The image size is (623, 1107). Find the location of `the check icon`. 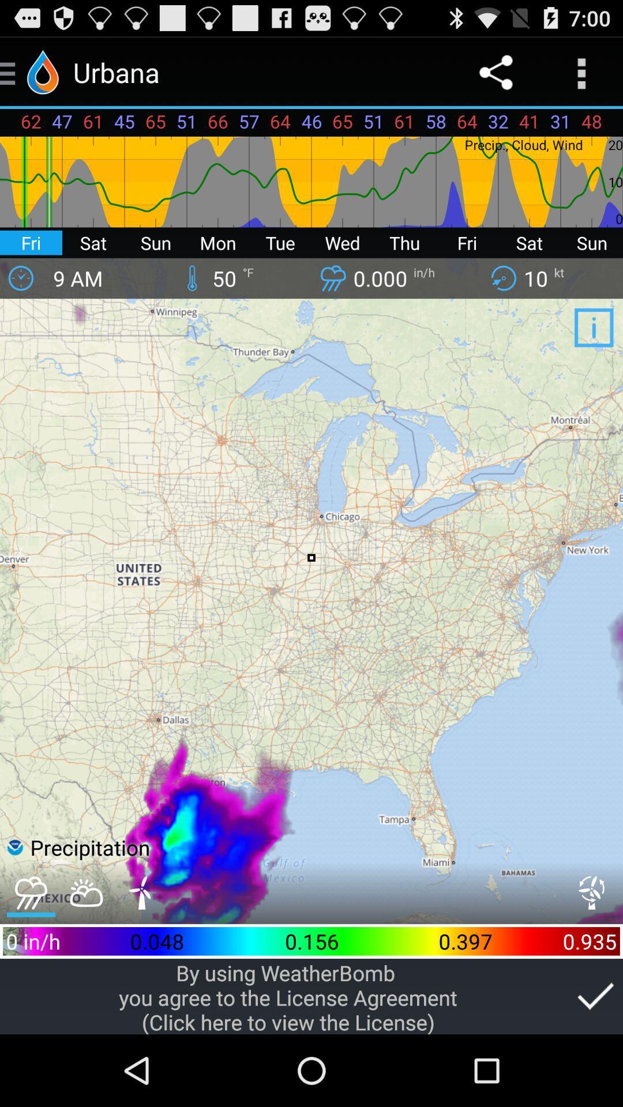

the check icon is located at coordinates (595, 1065).